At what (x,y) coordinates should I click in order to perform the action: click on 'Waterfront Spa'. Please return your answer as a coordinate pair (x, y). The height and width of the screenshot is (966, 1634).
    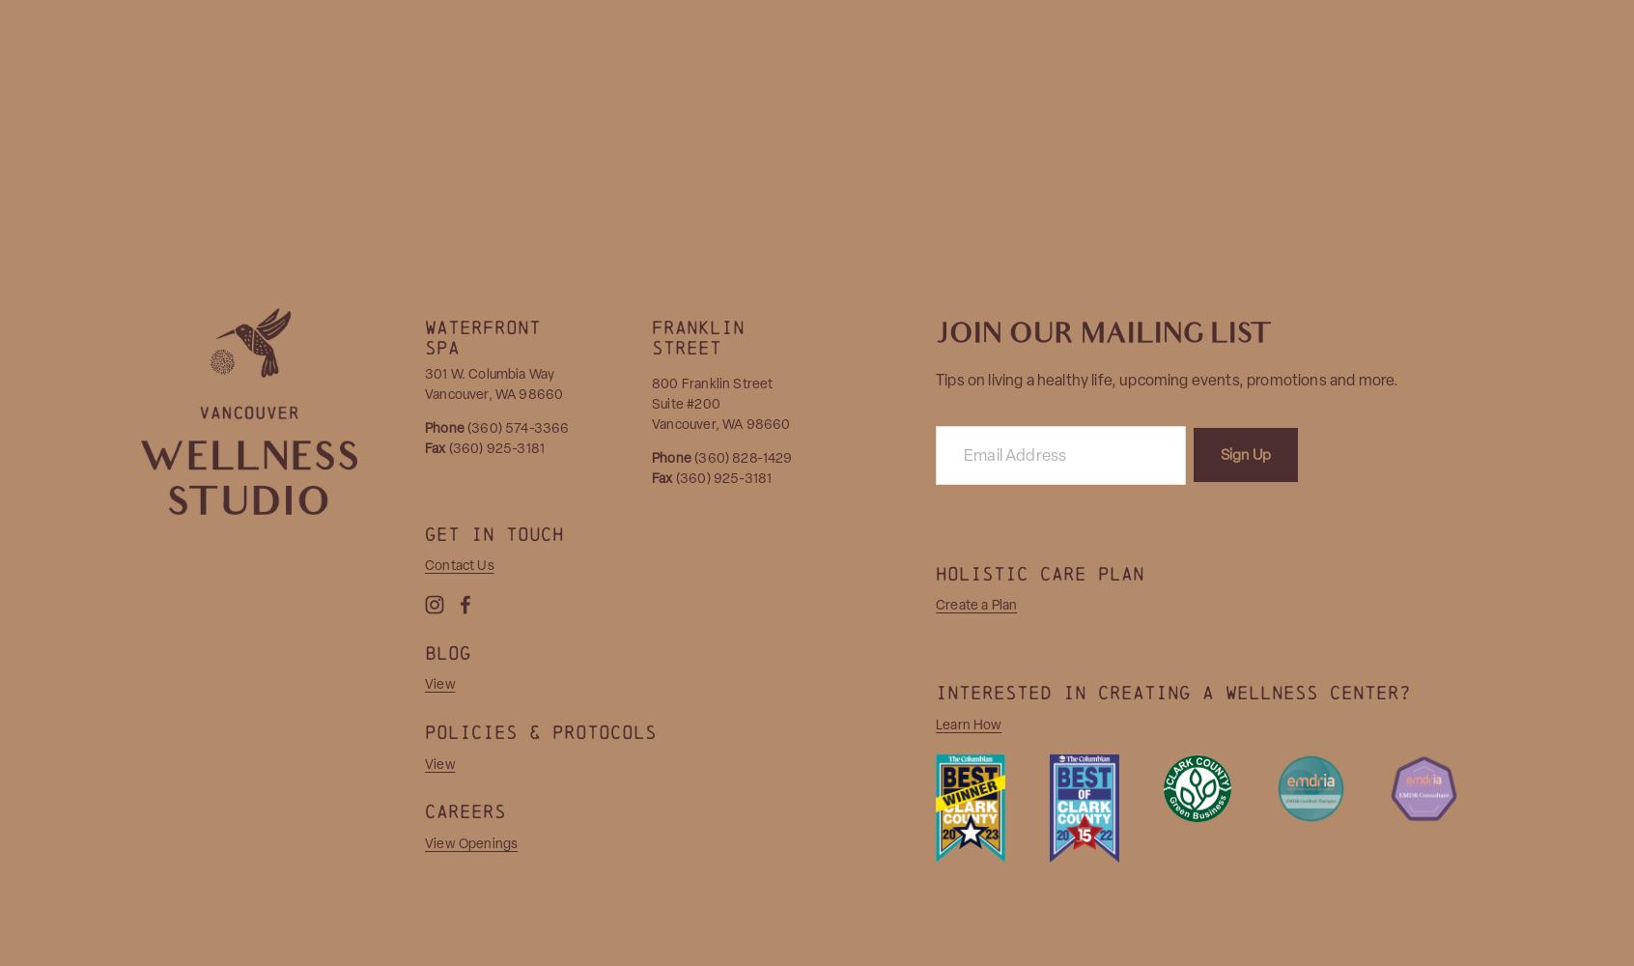
    Looking at the image, I should click on (489, 336).